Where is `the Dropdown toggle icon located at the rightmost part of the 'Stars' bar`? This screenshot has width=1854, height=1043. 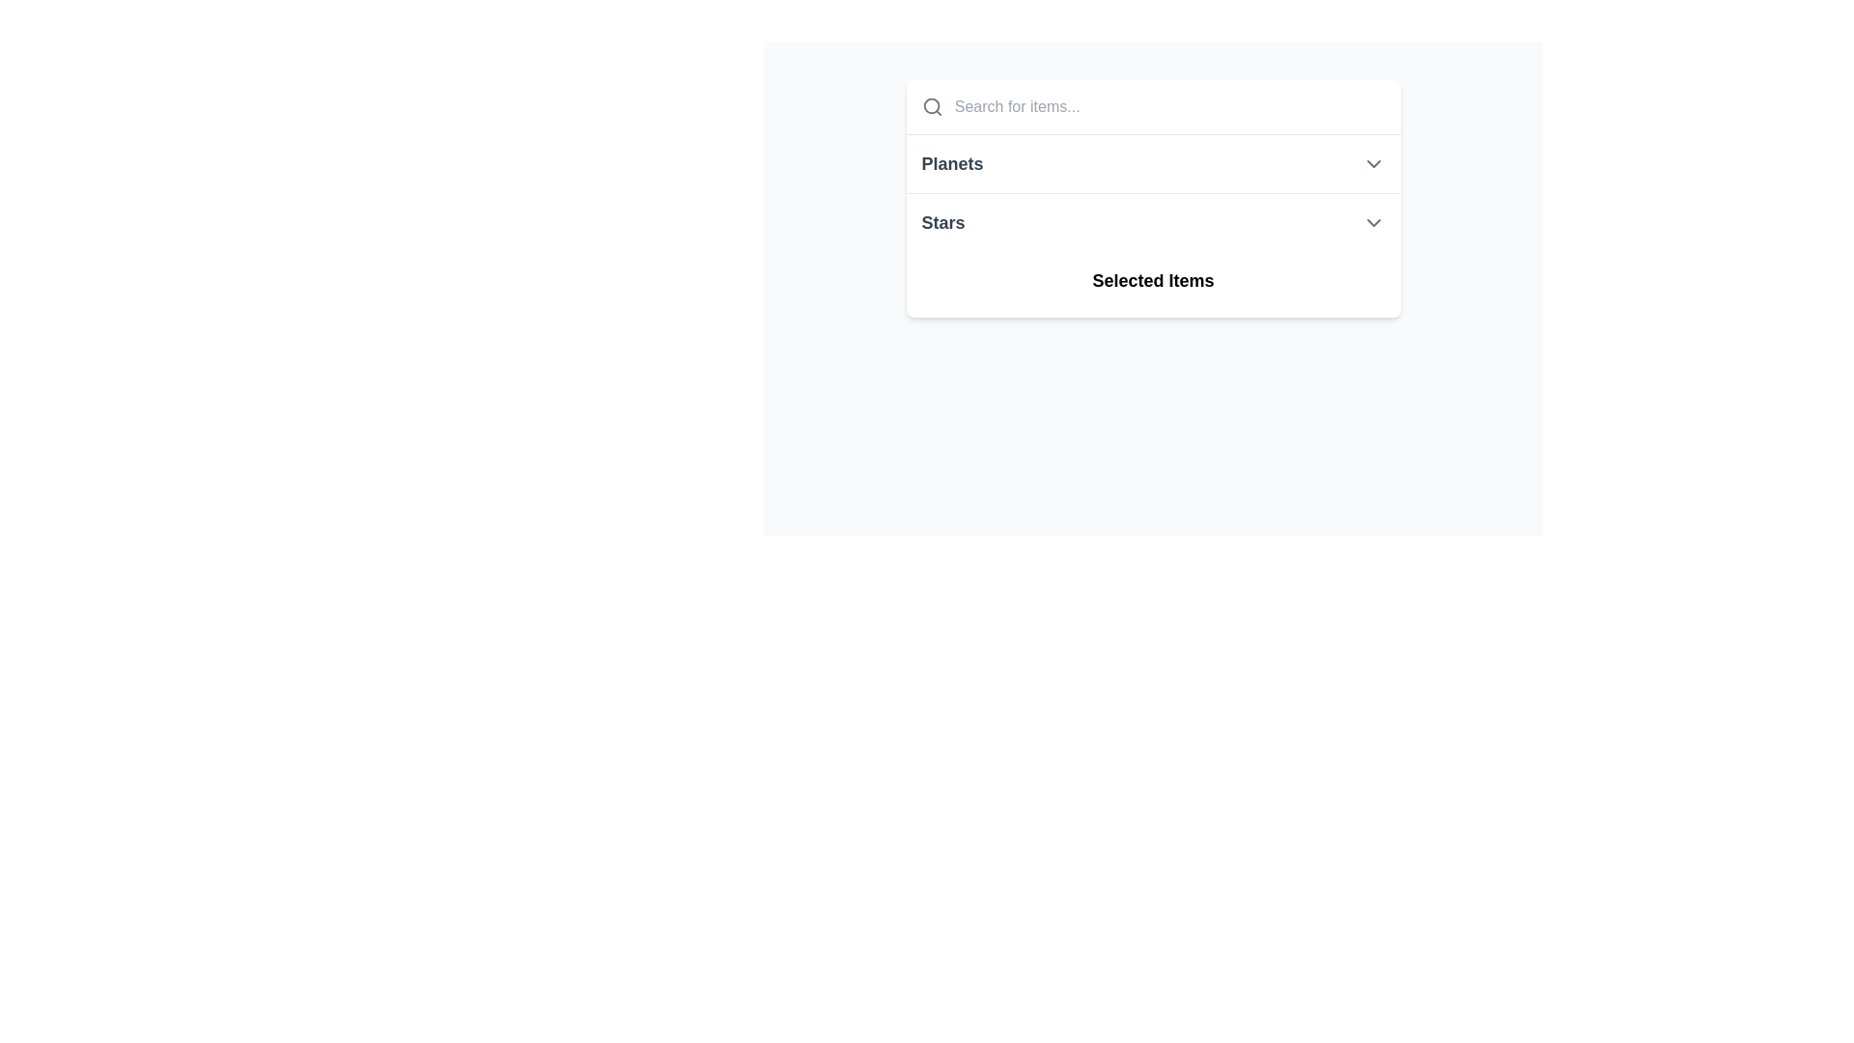
the Dropdown toggle icon located at the rightmost part of the 'Stars' bar is located at coordinates (1372, 222).